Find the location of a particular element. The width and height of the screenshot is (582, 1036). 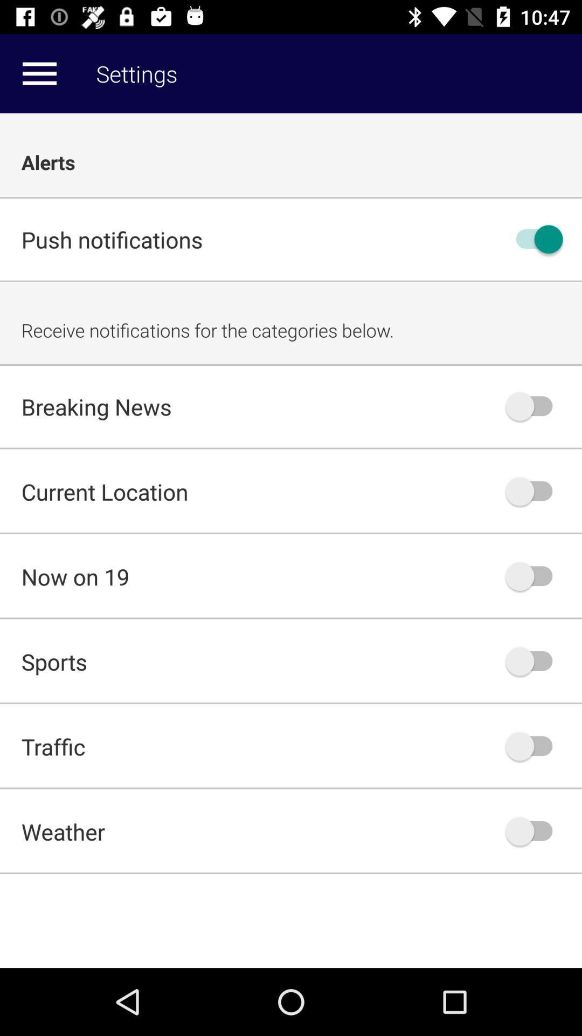

turn off button is located at coordinates (534, 490).